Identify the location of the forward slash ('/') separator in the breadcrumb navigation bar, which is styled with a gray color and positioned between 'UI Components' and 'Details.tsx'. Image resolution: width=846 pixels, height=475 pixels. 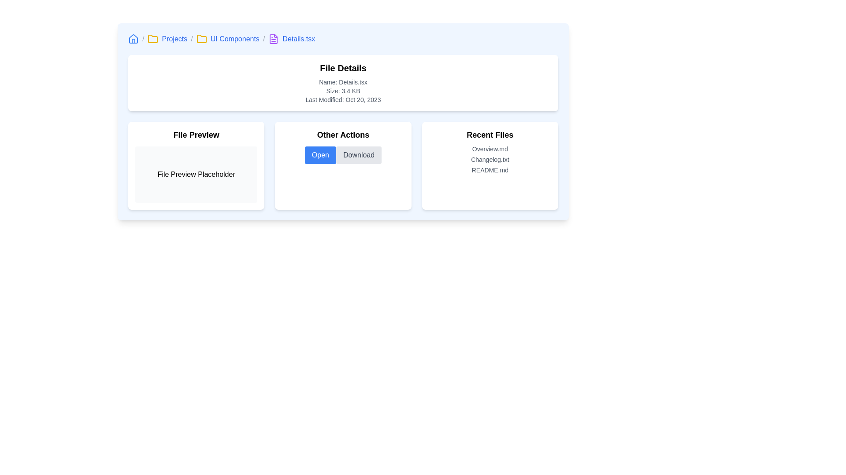
(263, 38).